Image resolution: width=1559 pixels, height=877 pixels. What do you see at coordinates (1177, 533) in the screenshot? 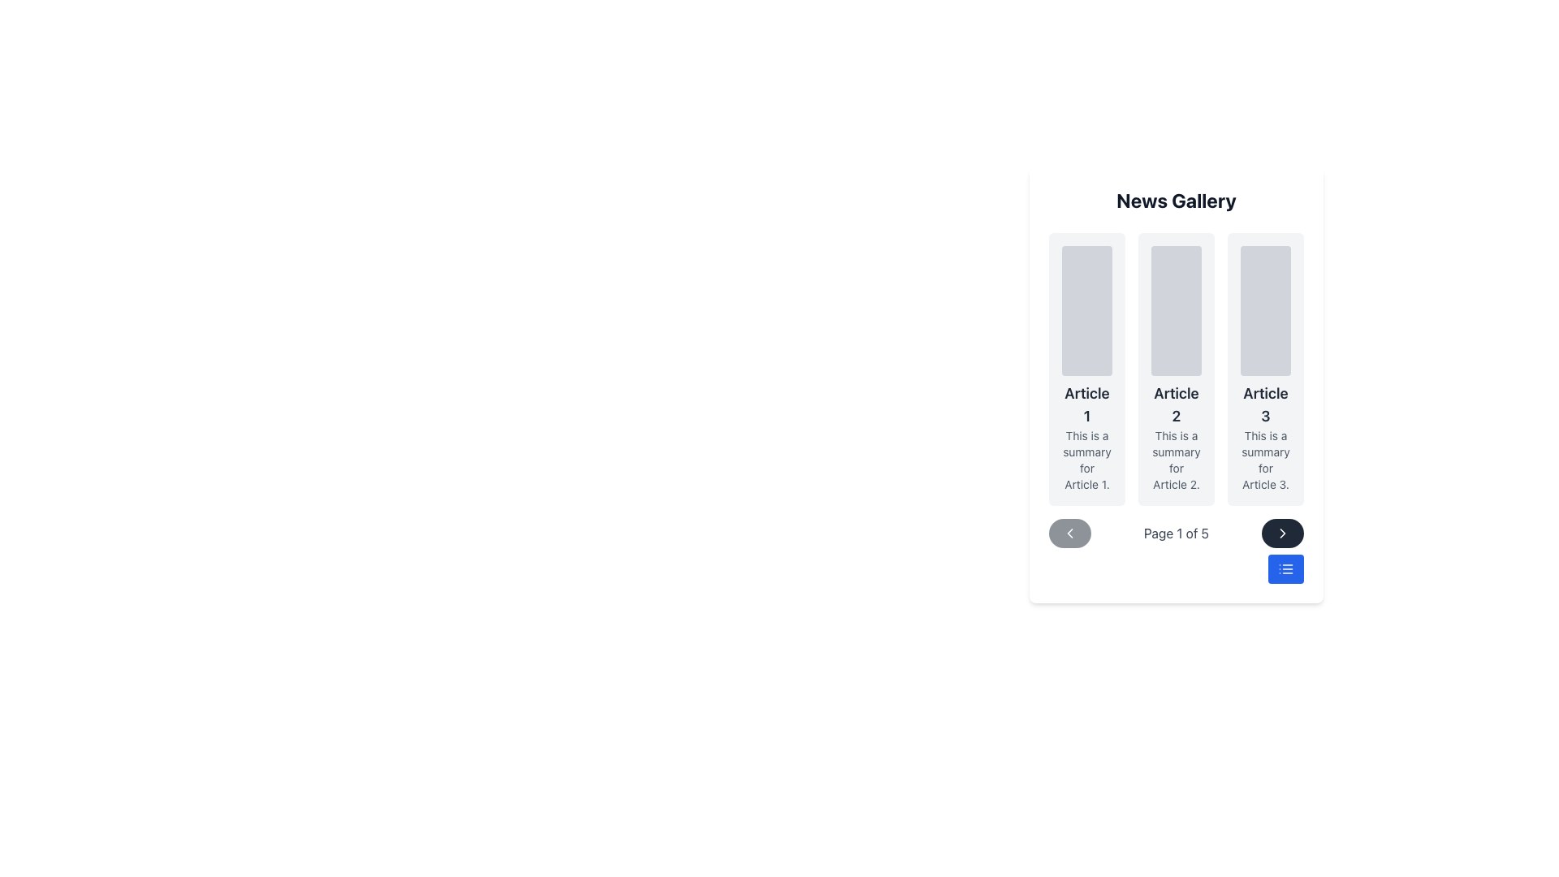
I see `the text label displaying 'Page 1 of 5', which is centered between two navigation buttons and has a dark gray color` at bounding box center [1177, 533].